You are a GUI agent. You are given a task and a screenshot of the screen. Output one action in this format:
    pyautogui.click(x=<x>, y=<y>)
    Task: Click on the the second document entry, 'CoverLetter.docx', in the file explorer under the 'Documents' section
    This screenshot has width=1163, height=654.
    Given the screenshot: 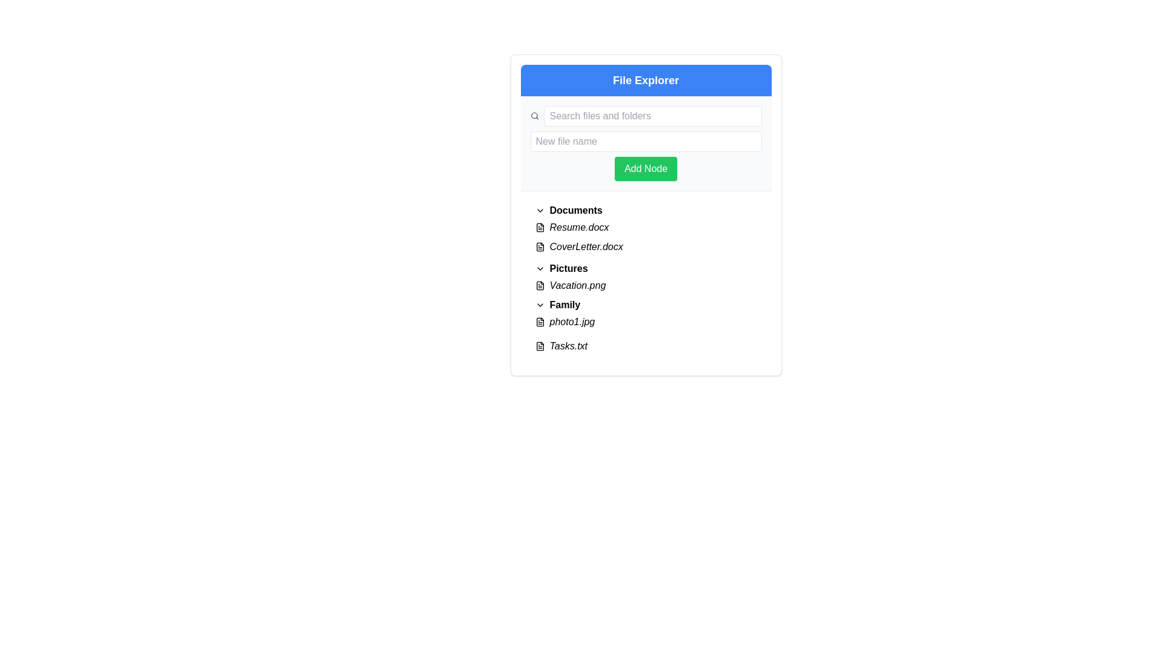 What is the action you would take?
    pyautogui.click(x=645, y=237)
    